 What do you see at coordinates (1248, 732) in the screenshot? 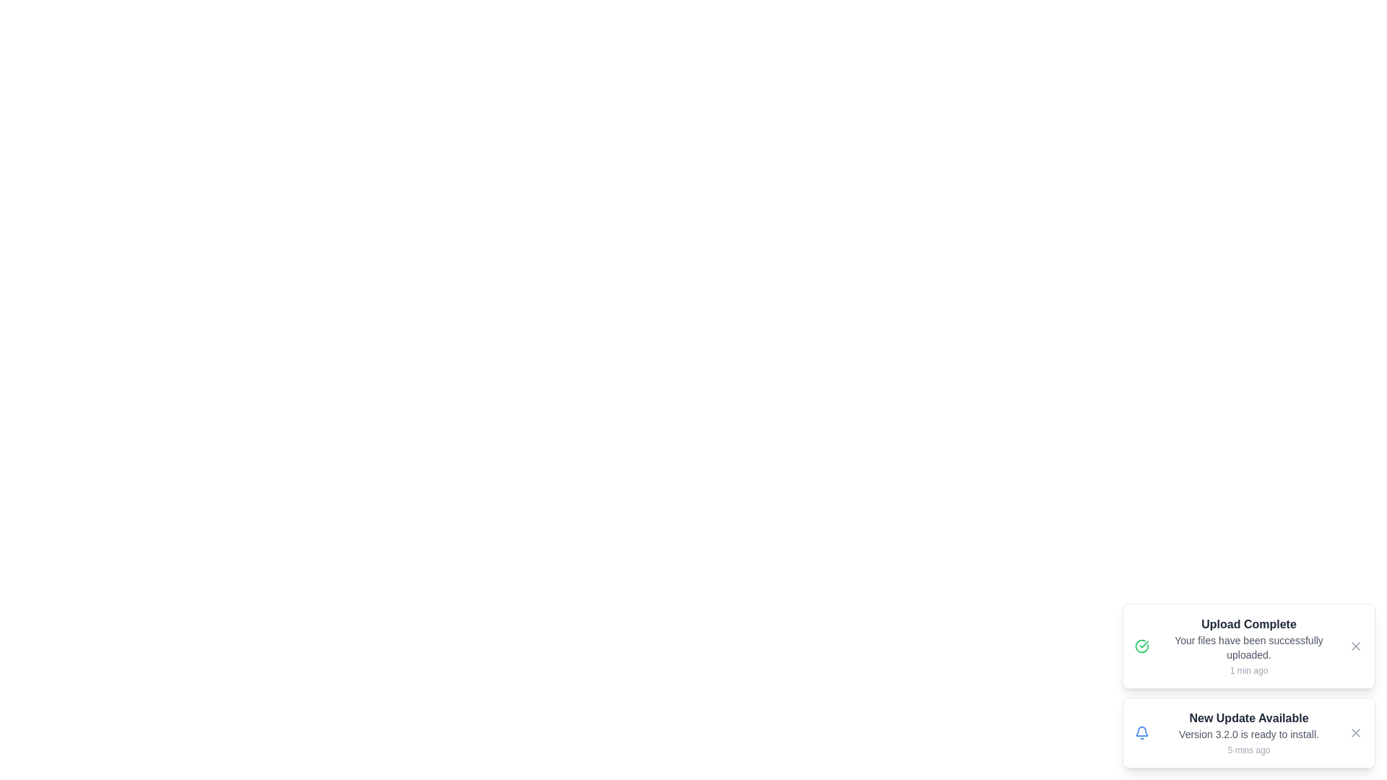
I see `the text block displaying the update information, which includes the lines 'New Update Available', 'Version 3.2.0 is ready to install.', and '5 mins ago'` at bounding box center [1248, 732].